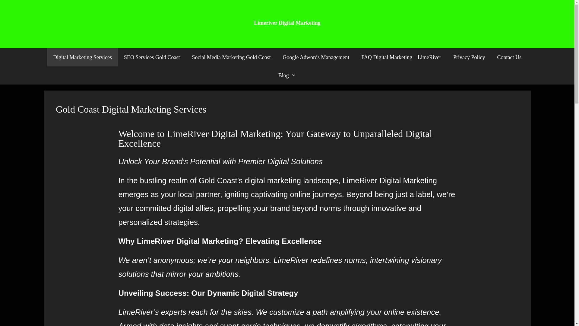  Describe the element at coordinates (287, 23) in the screenshot. I see `'Limeriver Digital Marketing'` at that location.